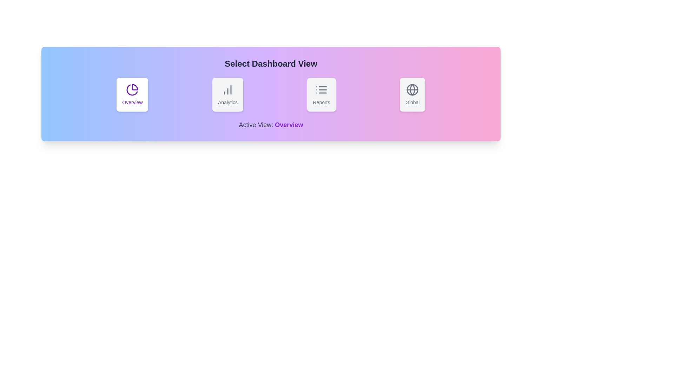  Describe the element at coordinates (321, 95) in the screenshot. I see `the button labeled 'Reports' to observe the hover effect` at that location.